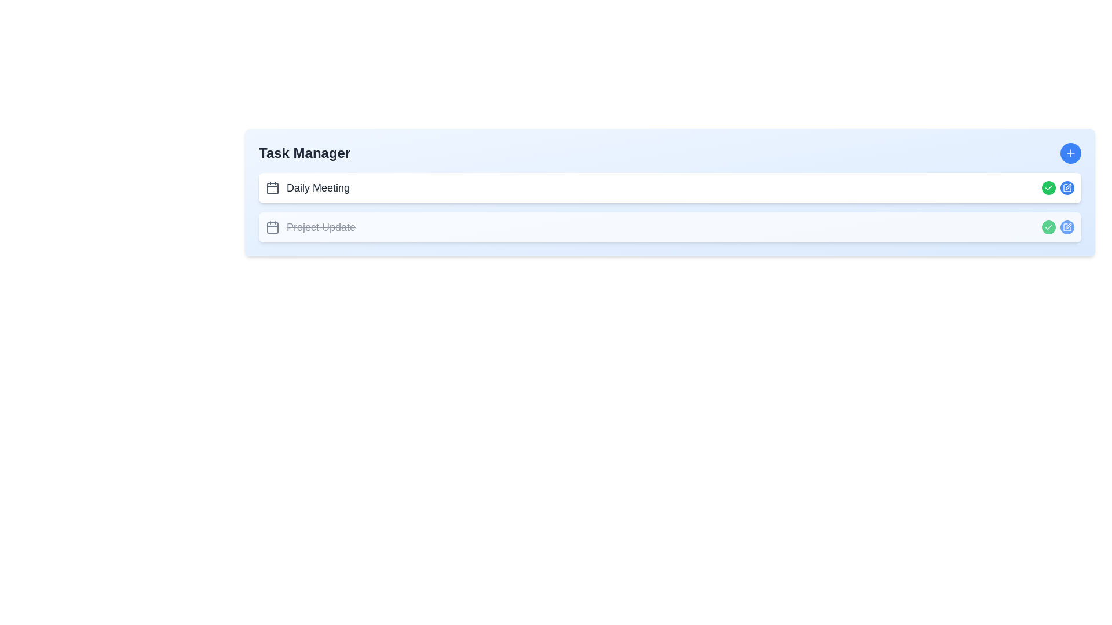  What do you see at coordinates (1067, 186) in the screenshot?
I see `the edit button located on the right-hand side of the 'Daily Meeting' task entry in the task management interface` at bounding box center [1067, 186].